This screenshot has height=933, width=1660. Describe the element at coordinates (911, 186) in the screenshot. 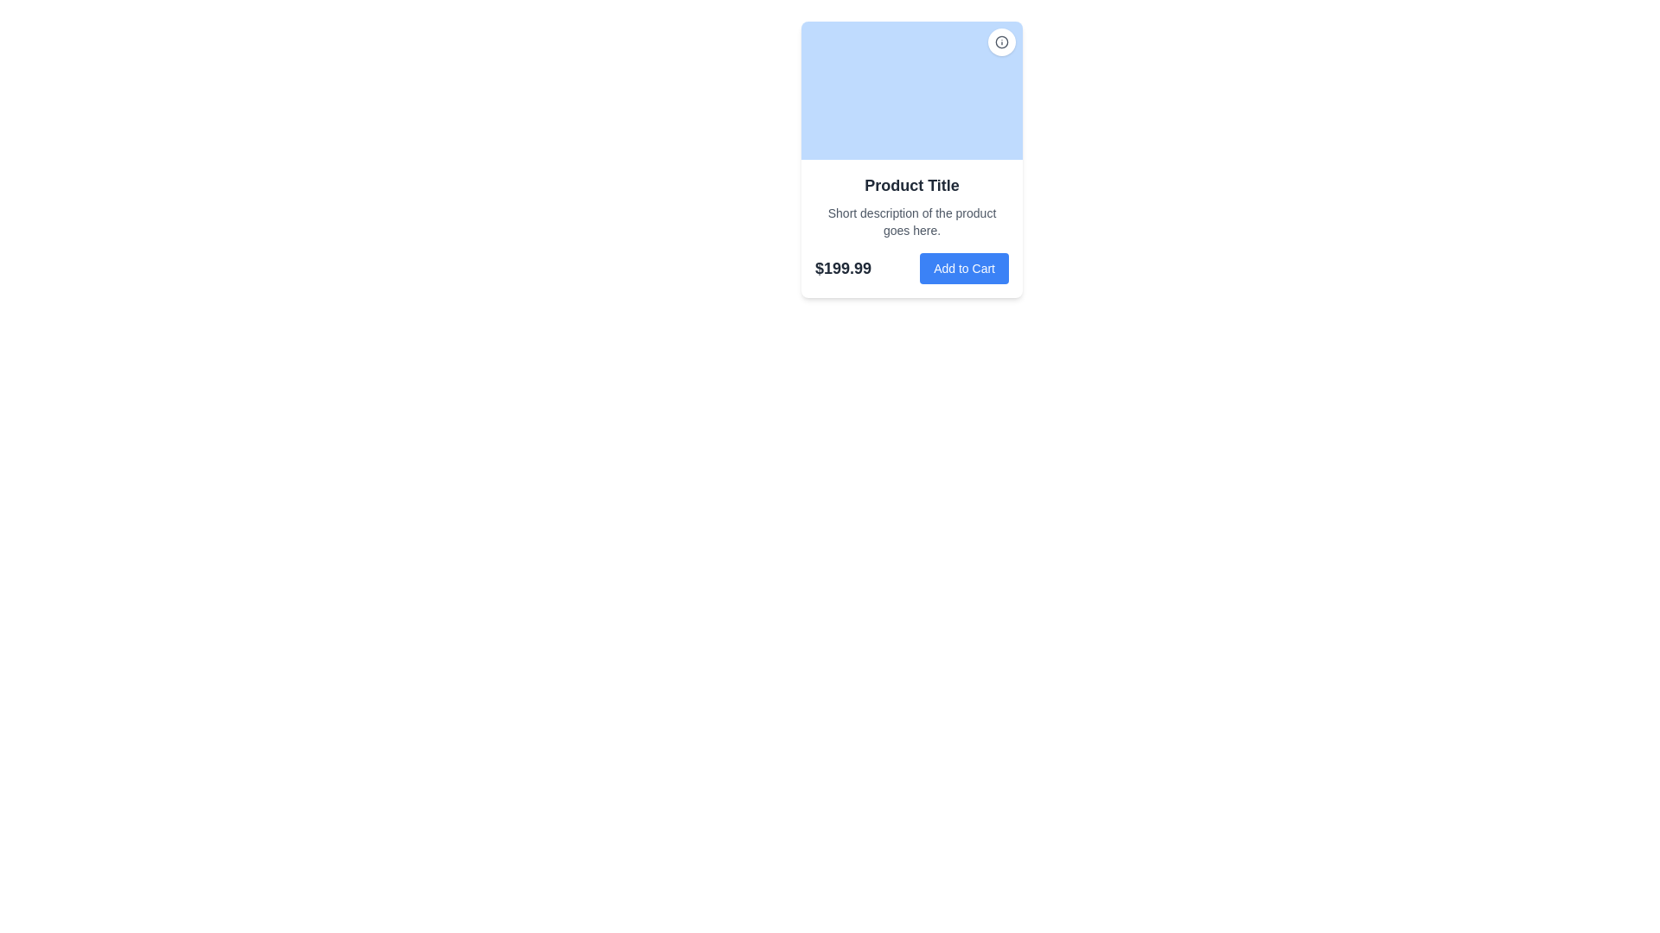

I see `the product title text label located directly below the product image placeholder and above the product description text` at that location.